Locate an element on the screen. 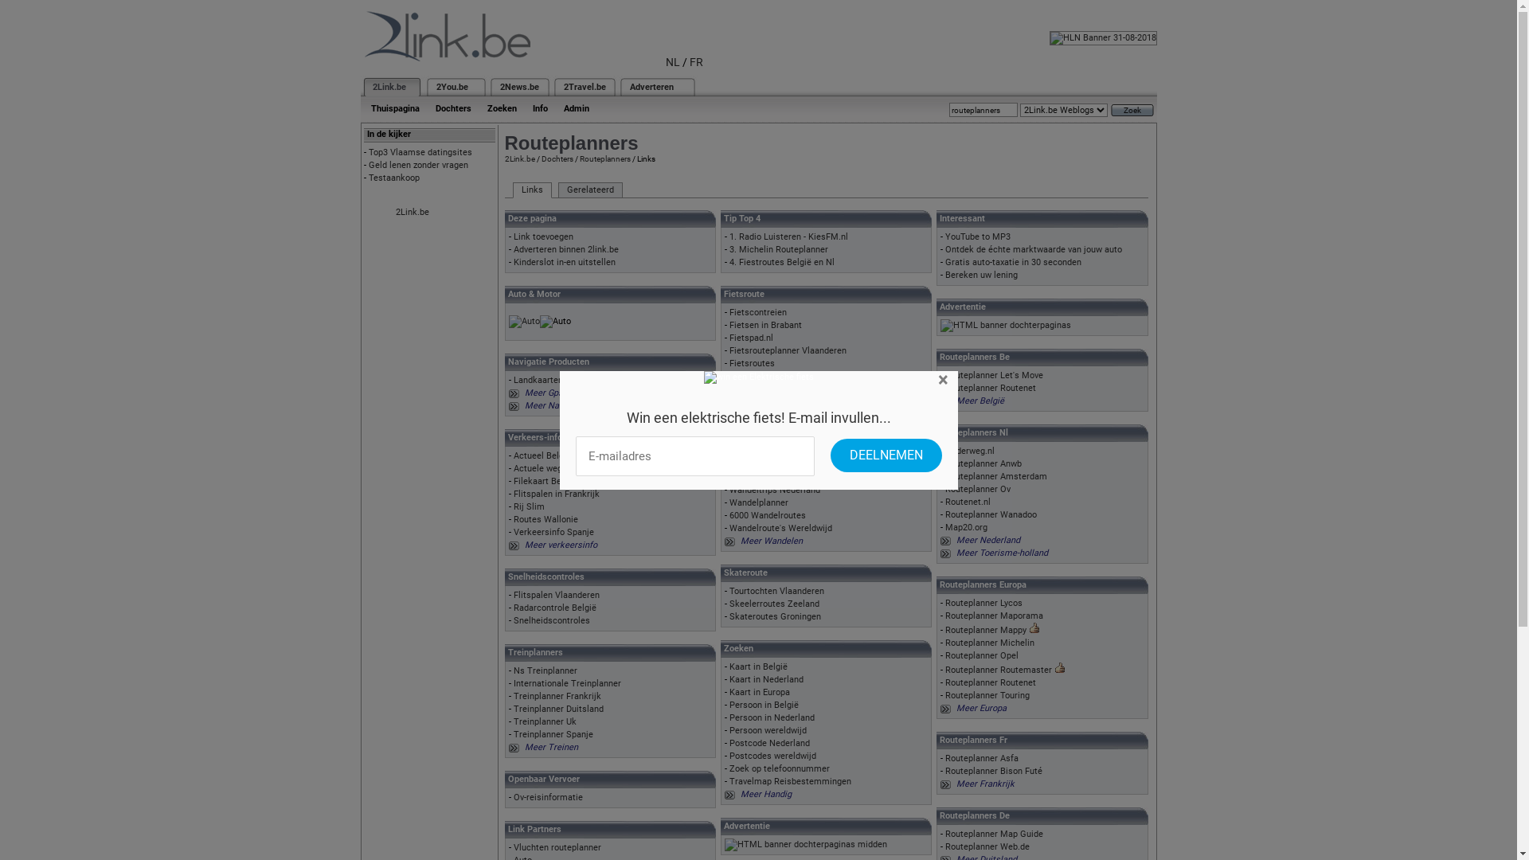 The height and width of the screenshot is (860, 1529). 'Verkeersinfo Spanje' is located at coordinates (553, 532).